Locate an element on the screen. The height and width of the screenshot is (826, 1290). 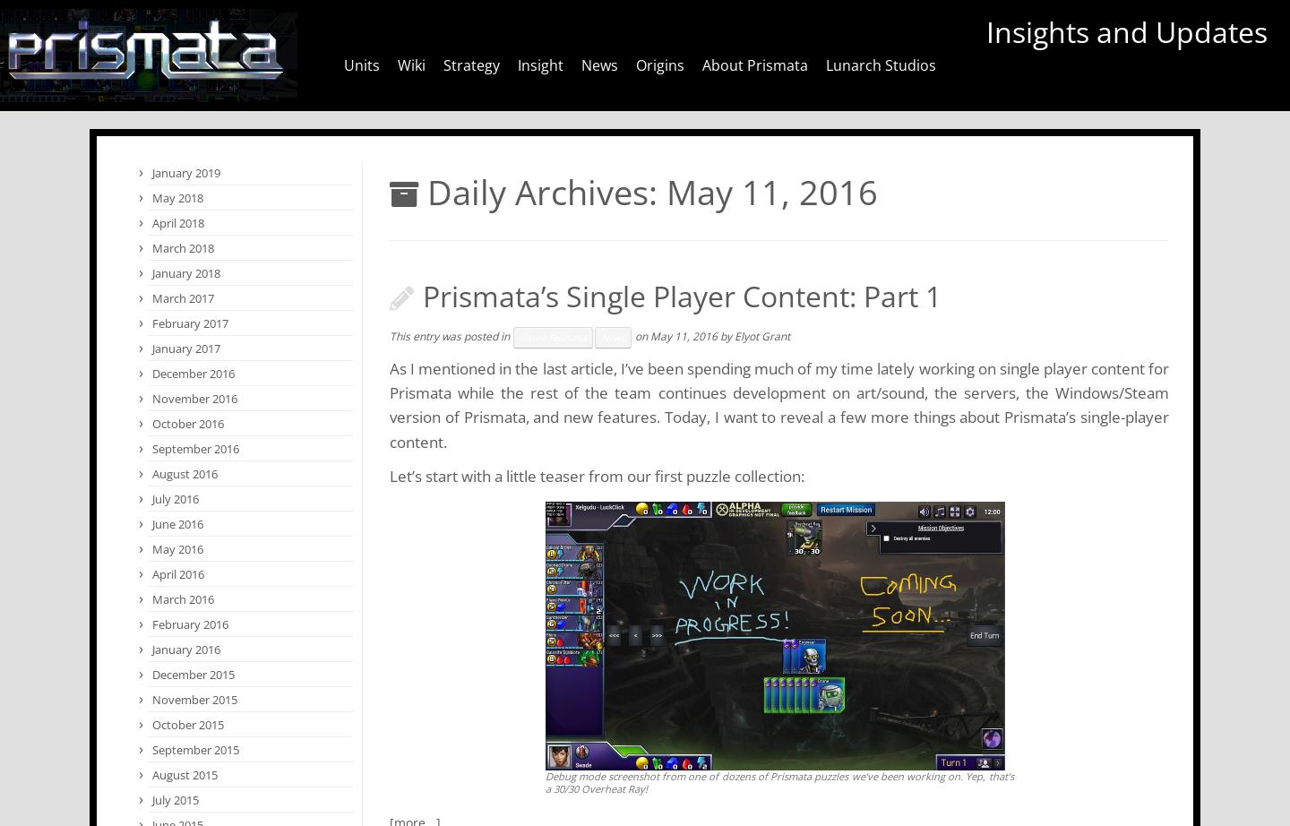
'March 2018' is located at coordinates (183, 246).